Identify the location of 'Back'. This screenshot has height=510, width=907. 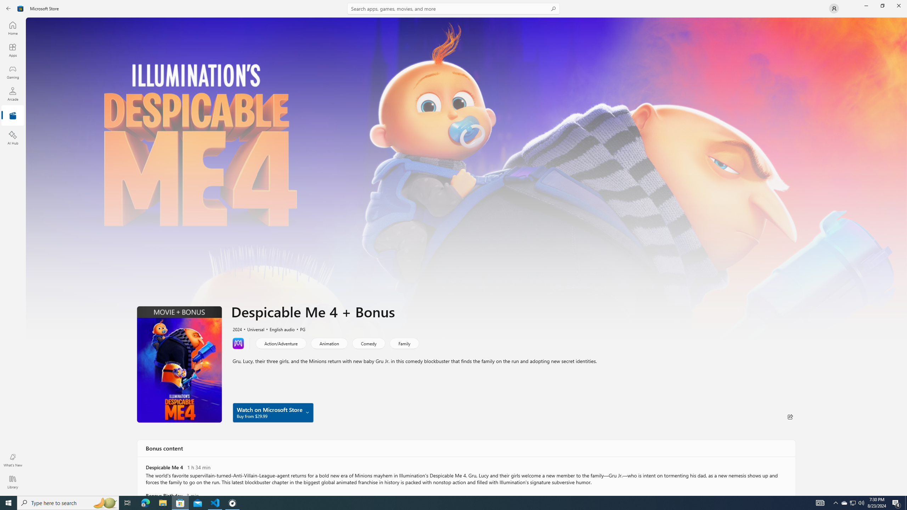
(9, 8).